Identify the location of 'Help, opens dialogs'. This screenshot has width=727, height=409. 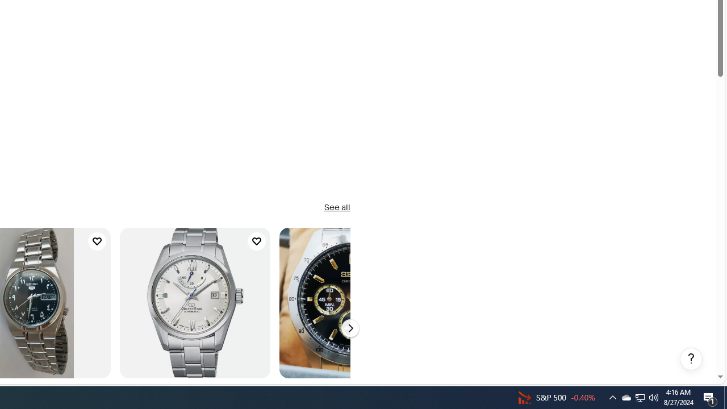
(691, 359).